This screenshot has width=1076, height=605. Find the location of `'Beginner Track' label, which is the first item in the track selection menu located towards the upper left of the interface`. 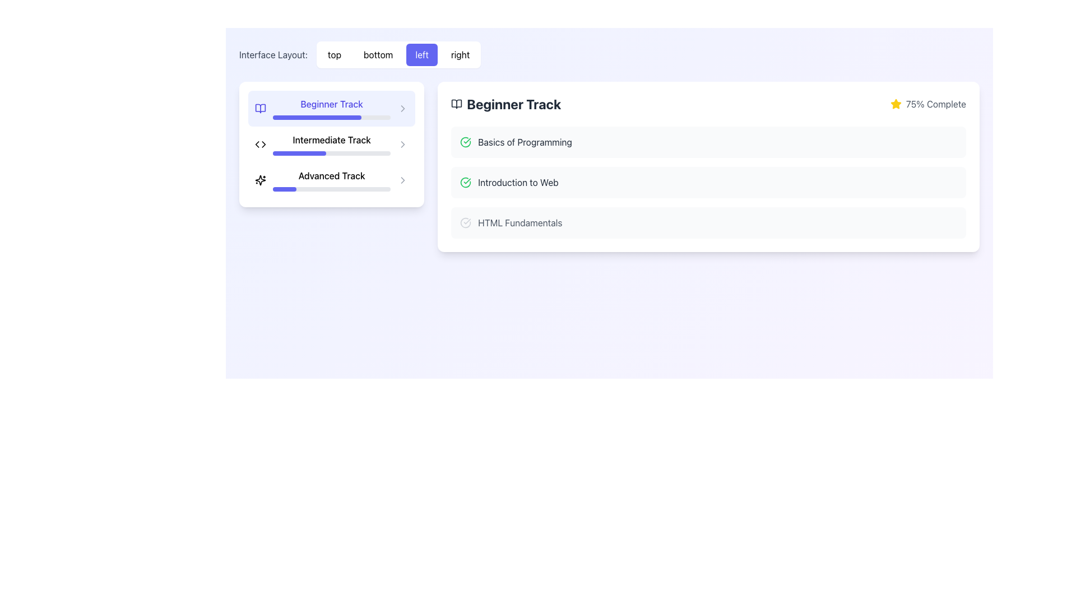

'Beginner Track' label, which is the first item in the track selection menu located towards the upper left of the interface is located at coordinates (331, 104).